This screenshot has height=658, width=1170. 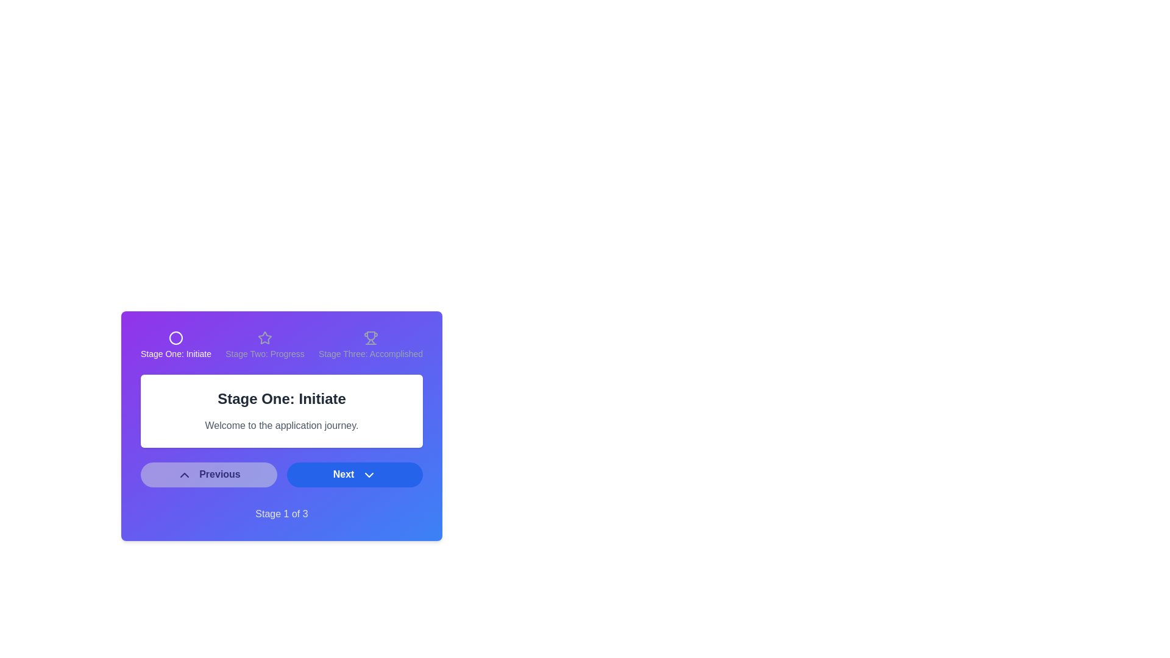 What do you see at coordinates (370, 345) in the screenshot?
I see `the third stage label with icon` at bounding box center [370, 345].